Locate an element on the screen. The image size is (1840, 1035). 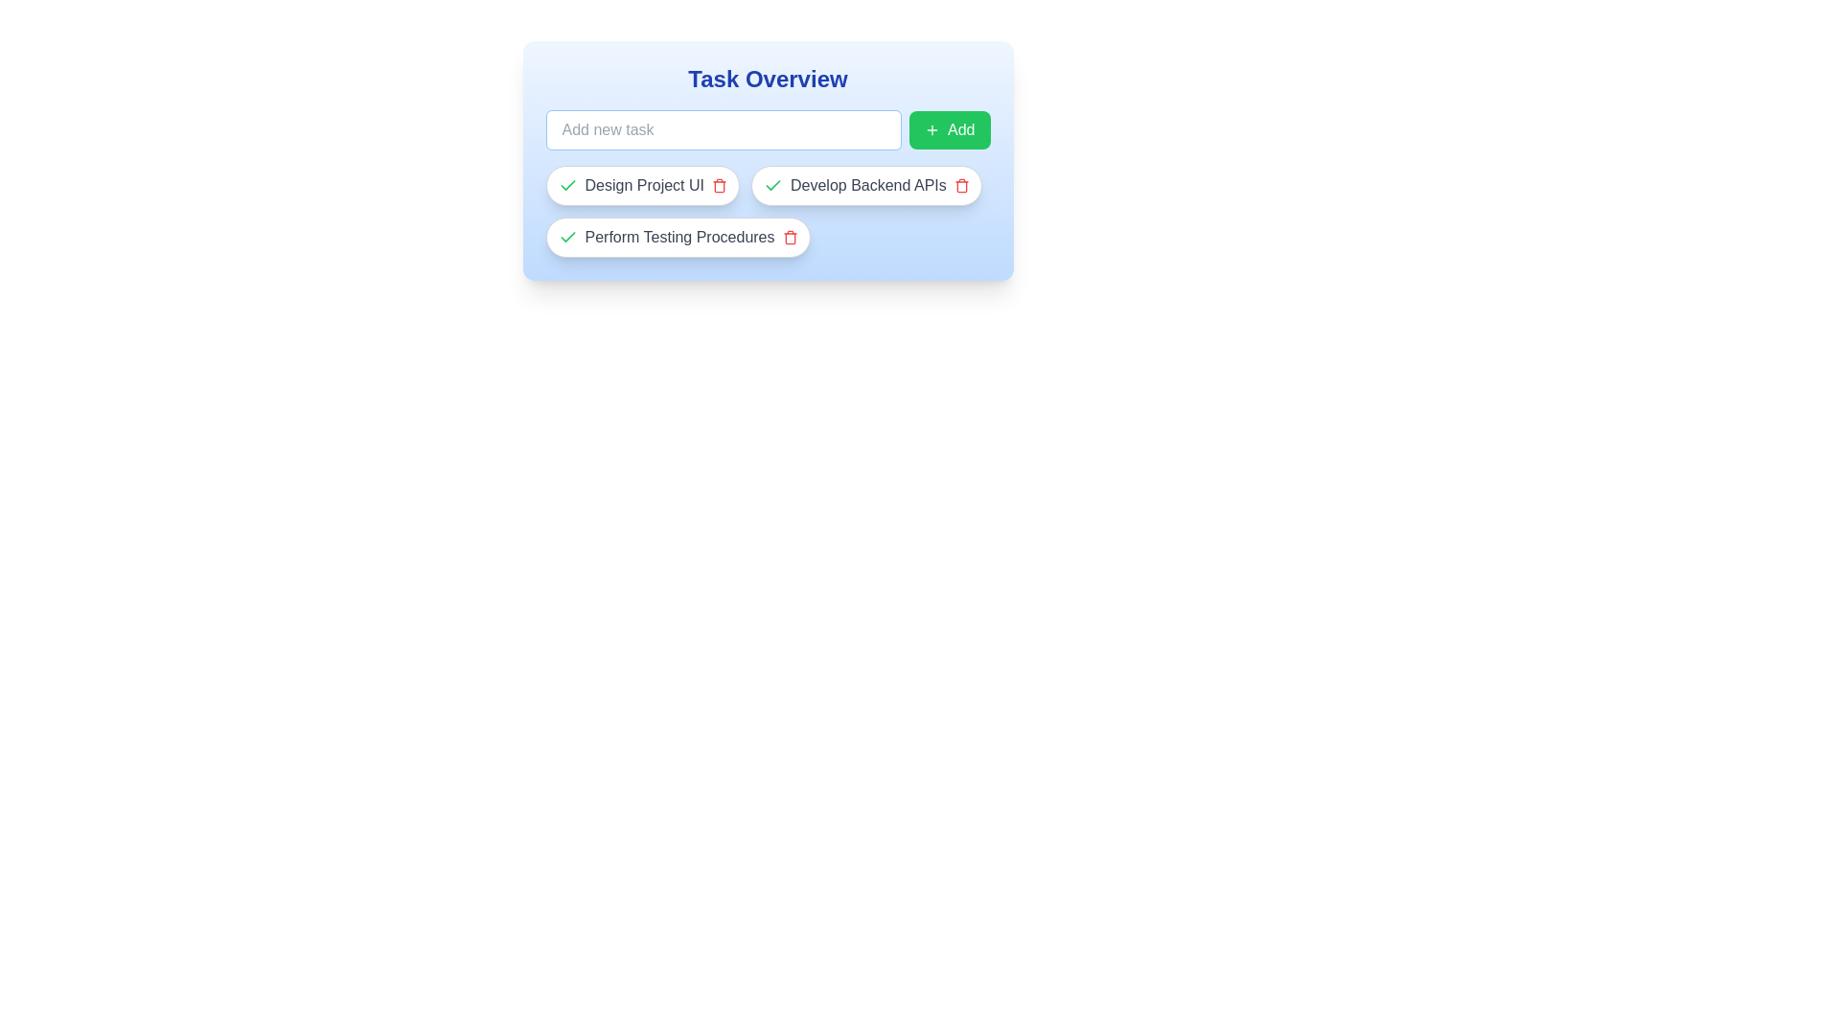
the trash icon next to the task labeled Develop Backend APIs to remove it is located at coordinates (961, 185).